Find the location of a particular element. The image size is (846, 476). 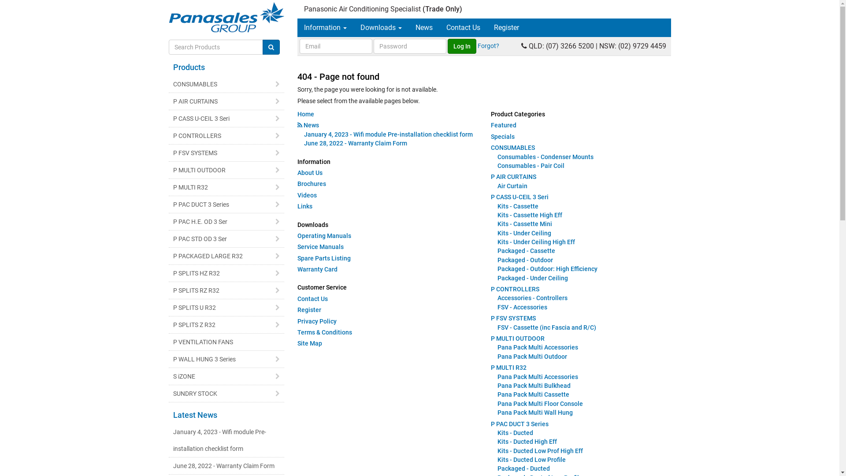

'Information' is located at coordinates (325, 27).